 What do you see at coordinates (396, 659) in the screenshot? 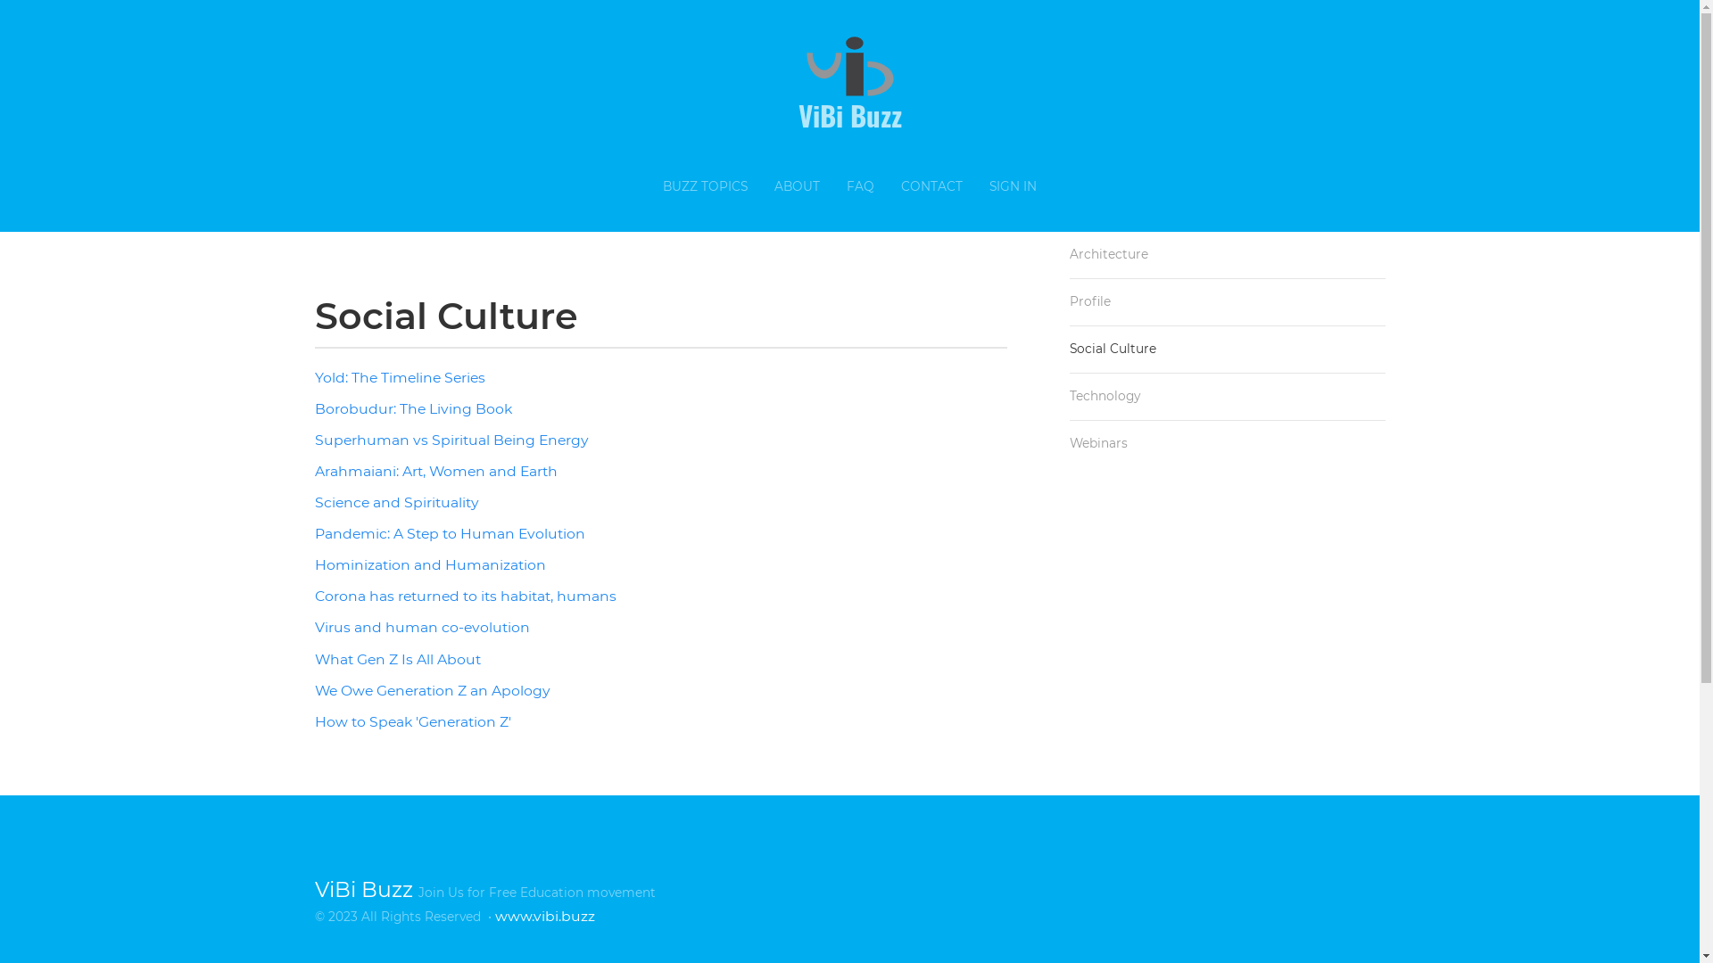
I see `'What Gen Z Is All About'` at bounding box center [396, 659].